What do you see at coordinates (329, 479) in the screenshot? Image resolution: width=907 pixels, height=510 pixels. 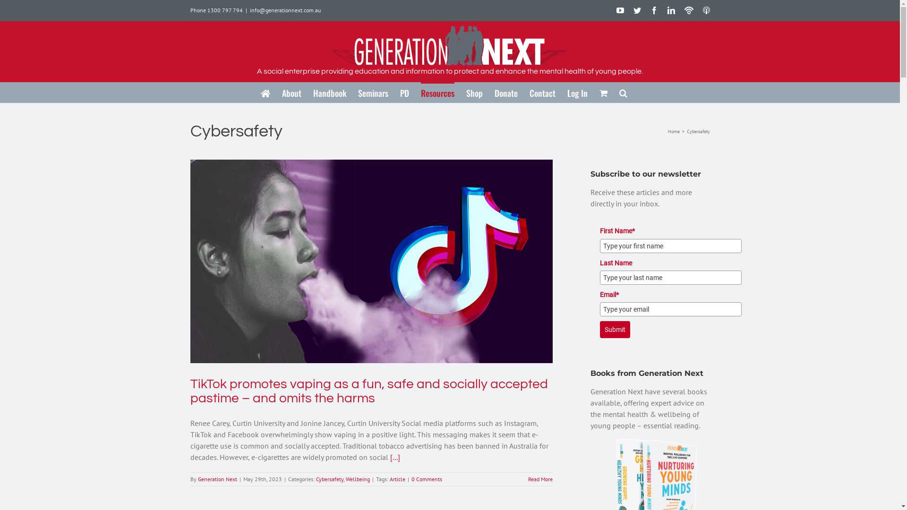 I see `'Cybersafety'` at bounding box center [329, 479].